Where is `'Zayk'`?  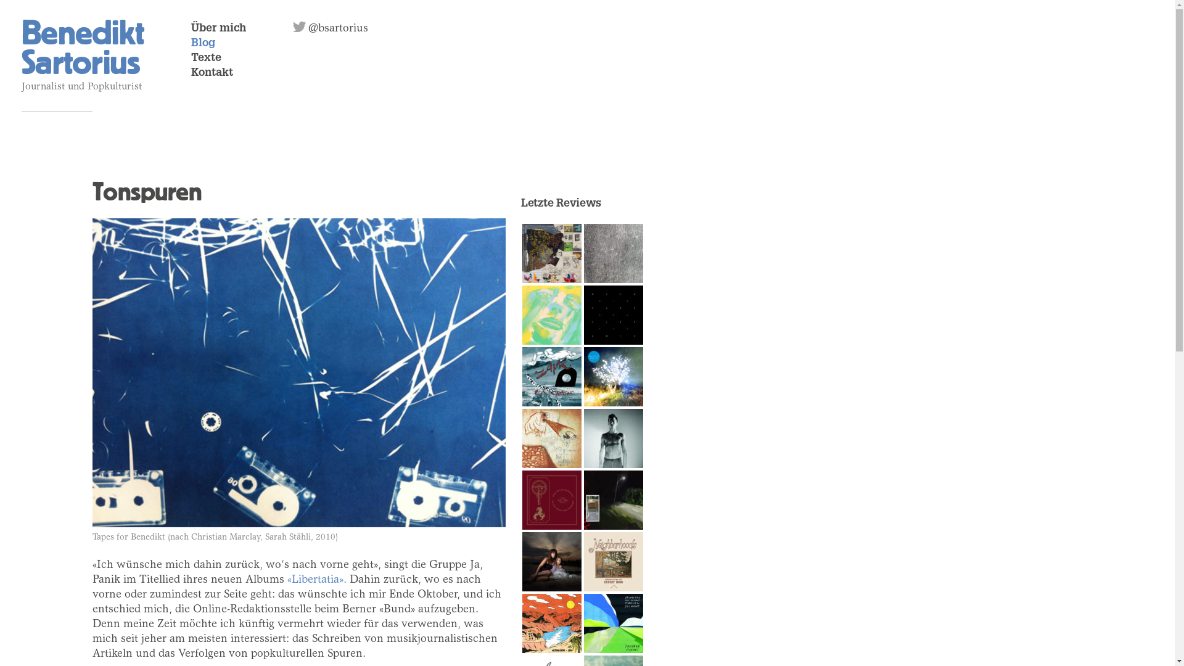 'Zayk' is located at coordinates (551, 376).